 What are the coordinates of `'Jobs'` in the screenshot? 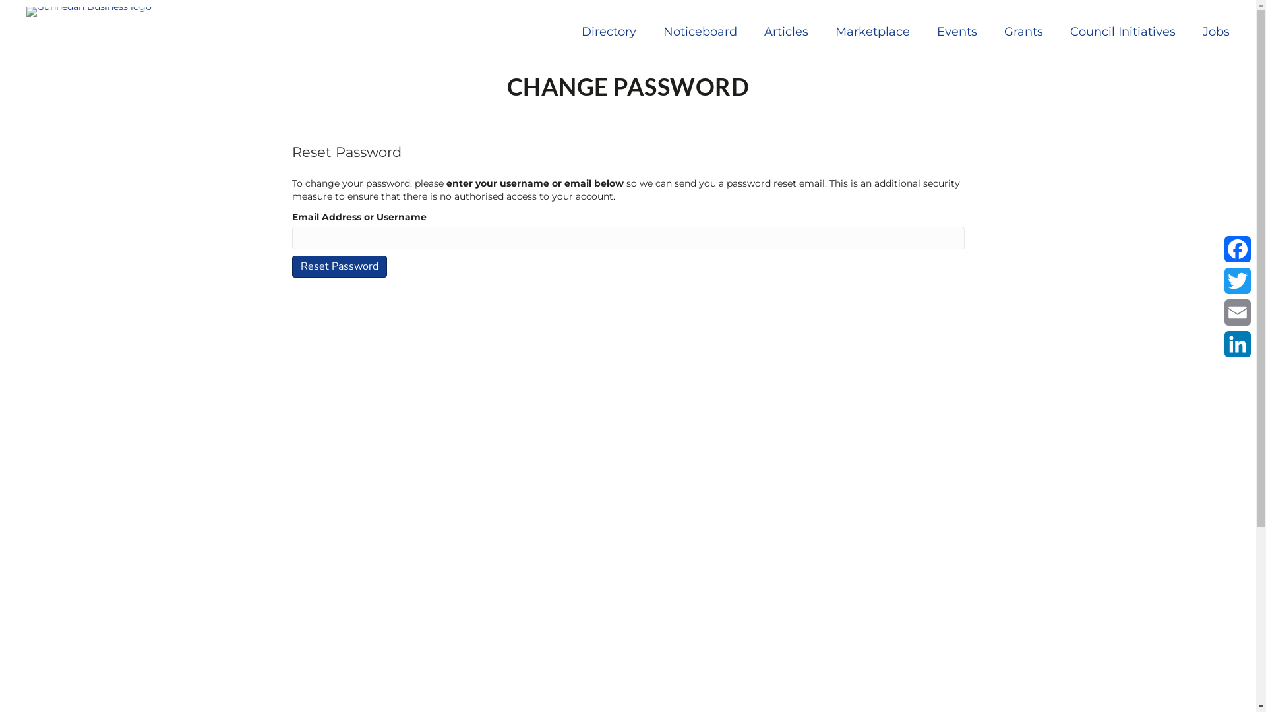 It's located at (1215, 30).